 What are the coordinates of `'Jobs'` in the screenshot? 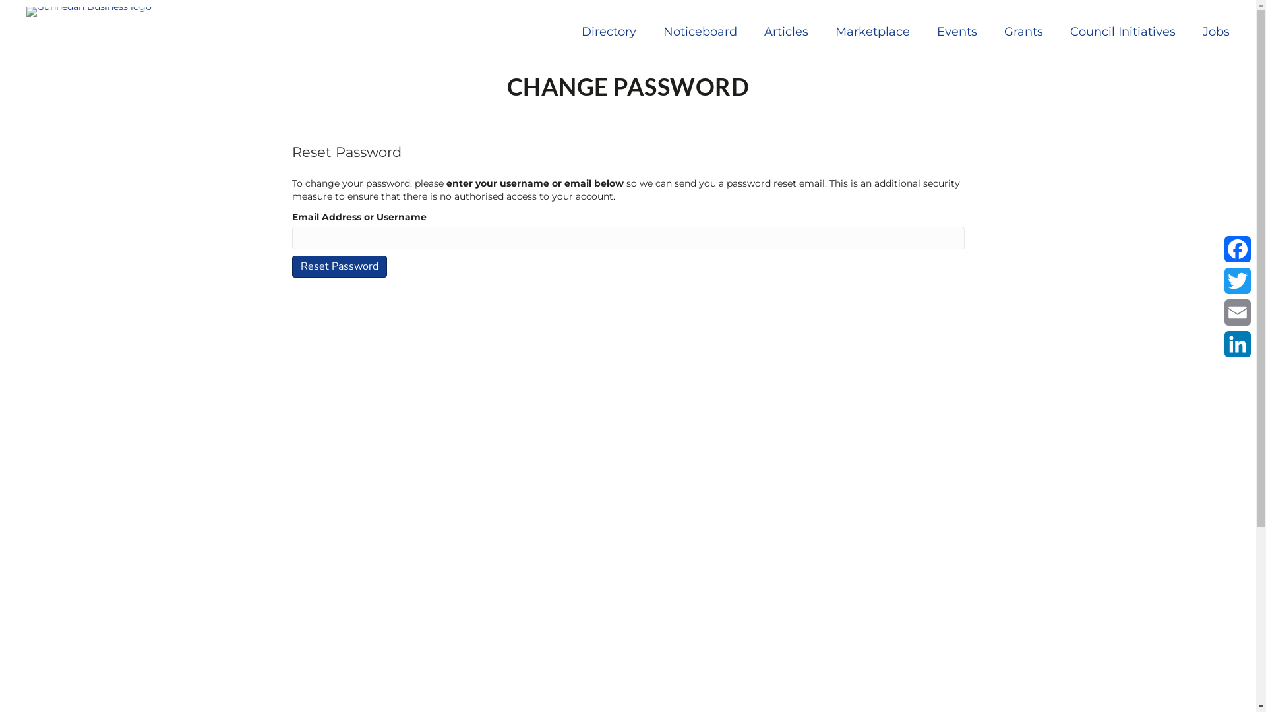 It's located at (1215, 30).